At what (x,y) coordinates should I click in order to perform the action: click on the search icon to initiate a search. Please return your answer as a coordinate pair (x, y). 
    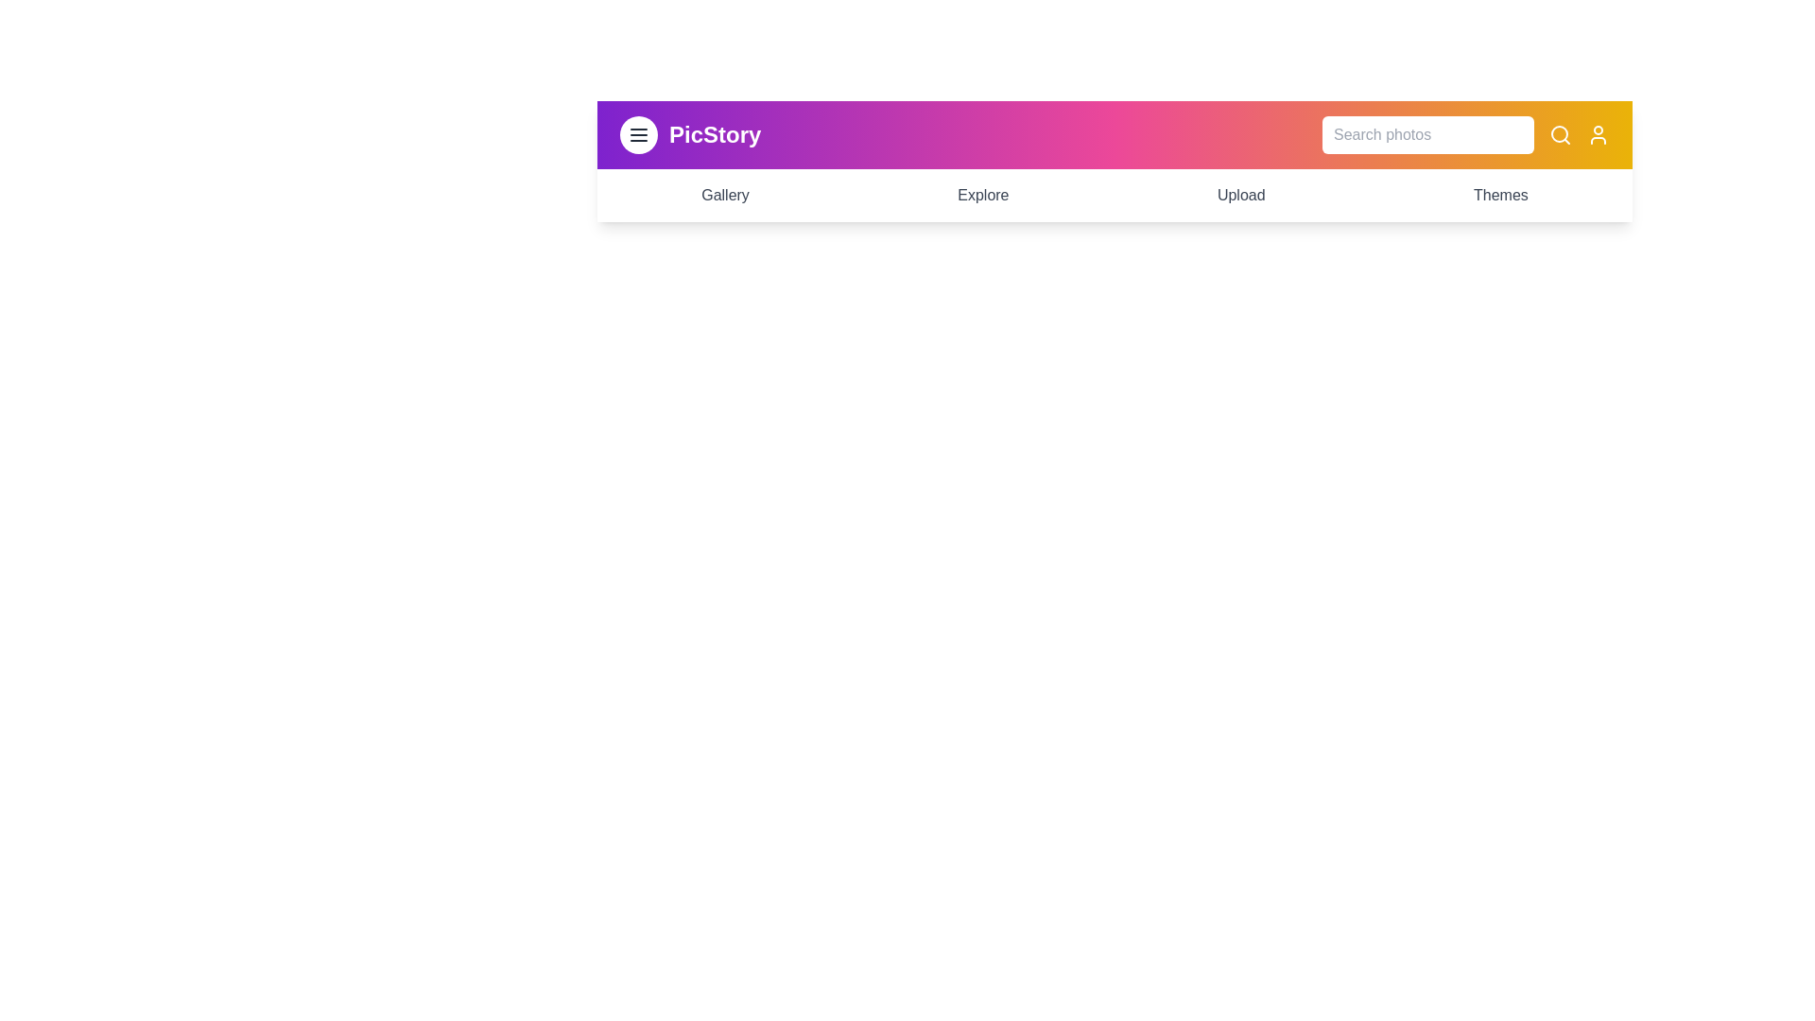
    Looking at the image, I should click on (1561, 133).